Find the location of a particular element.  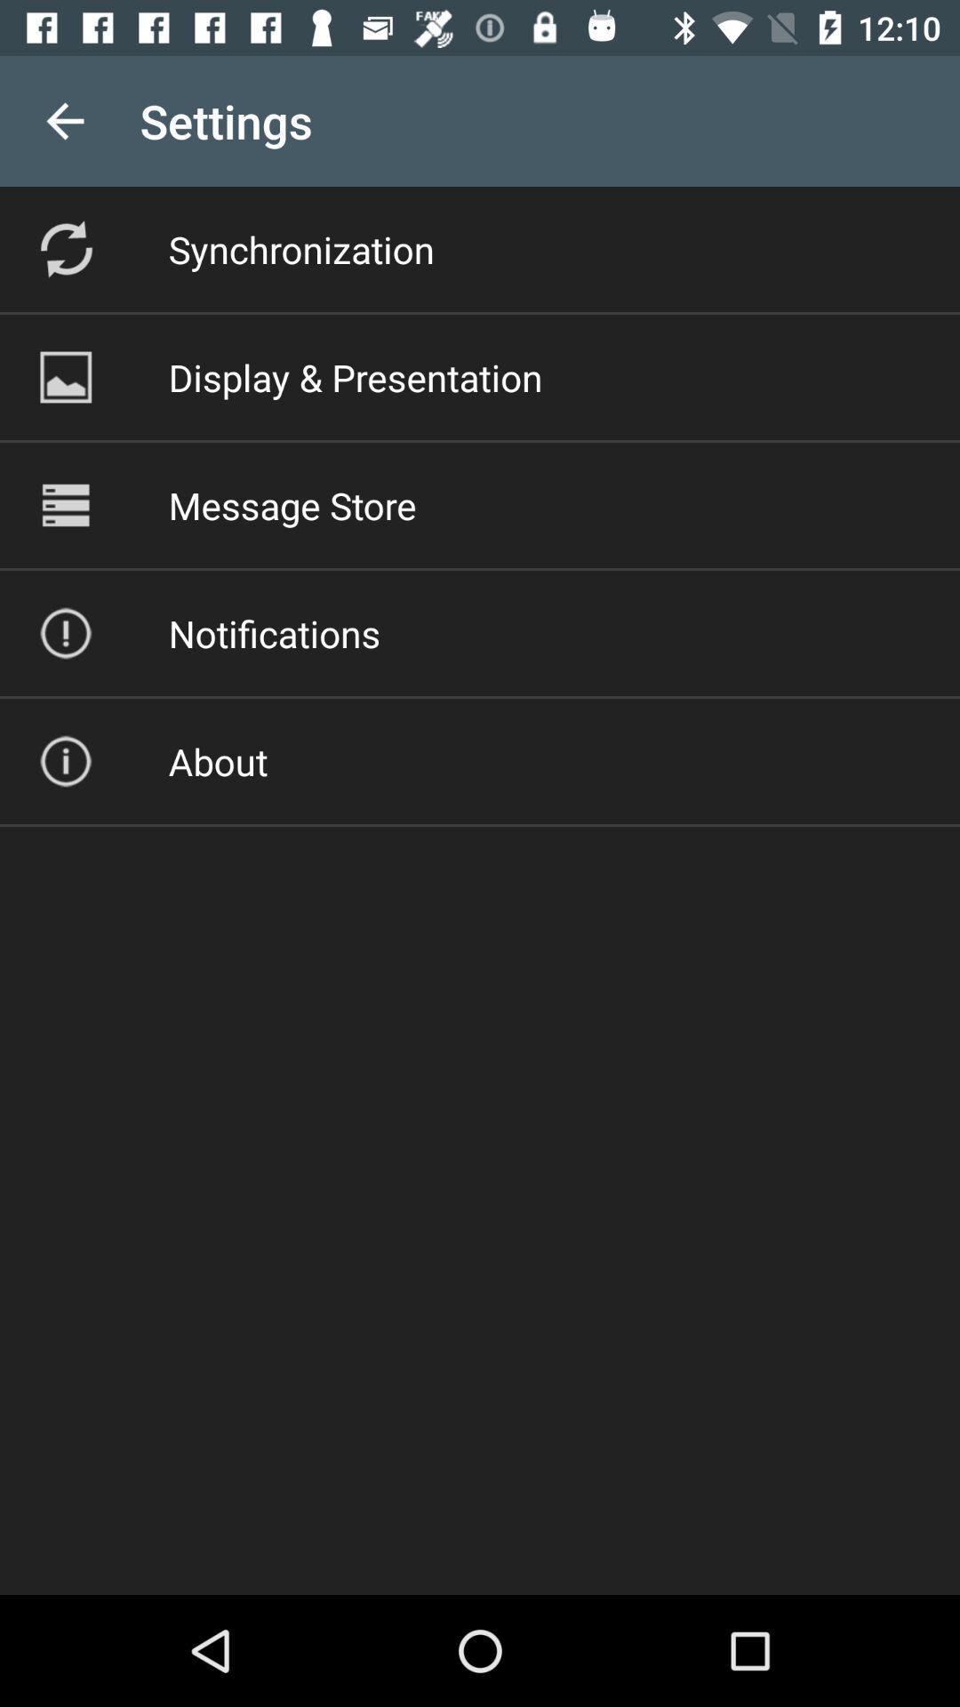

the synchronization item is located at coordinates (300, 248).